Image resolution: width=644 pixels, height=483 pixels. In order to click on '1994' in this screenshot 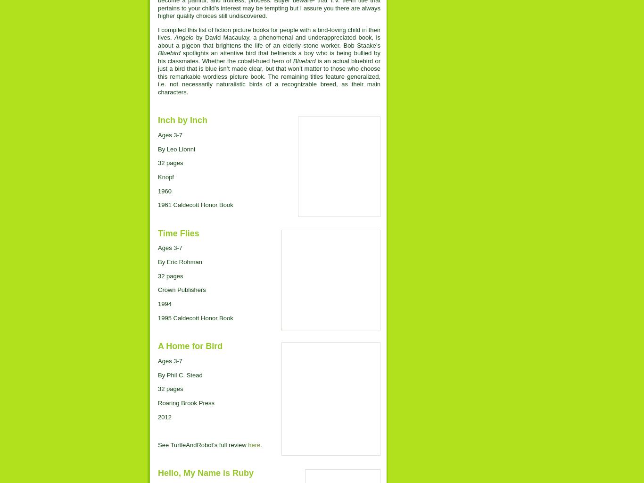, I will do `click(164, 303)`.